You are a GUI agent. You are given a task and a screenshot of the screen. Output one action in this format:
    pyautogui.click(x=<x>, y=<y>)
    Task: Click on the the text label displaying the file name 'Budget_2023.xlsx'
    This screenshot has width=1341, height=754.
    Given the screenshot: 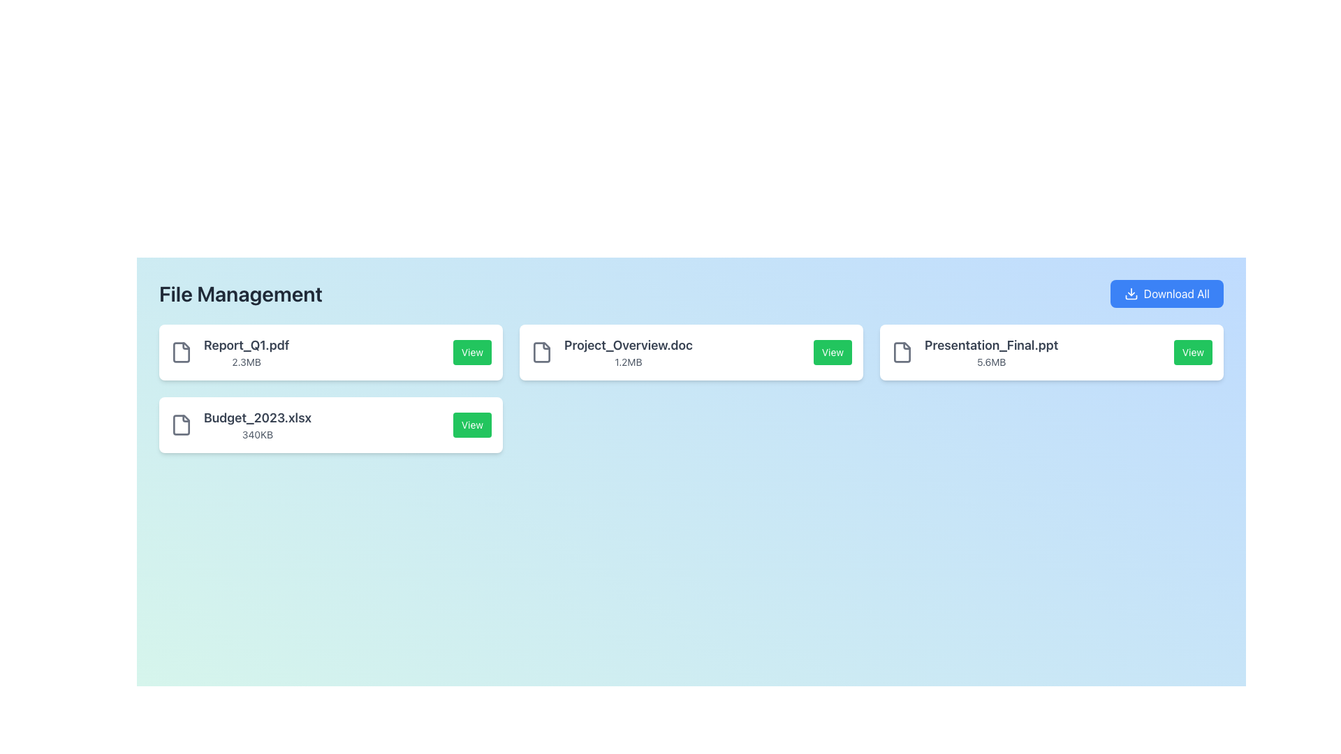 What is the action you would take?
    pyautogui.click(x=258, y=417)
    